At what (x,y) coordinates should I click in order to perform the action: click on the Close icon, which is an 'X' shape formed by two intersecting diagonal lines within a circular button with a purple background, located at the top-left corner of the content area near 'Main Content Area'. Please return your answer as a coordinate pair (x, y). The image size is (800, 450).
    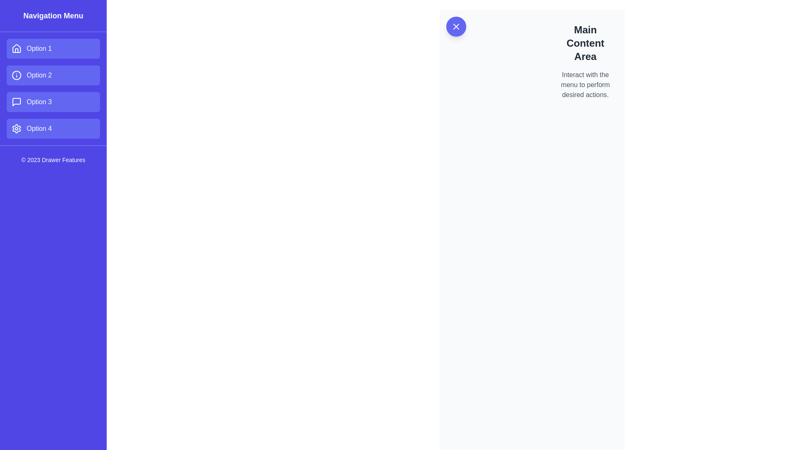
    Looking at the image, I should click on (455, 26).